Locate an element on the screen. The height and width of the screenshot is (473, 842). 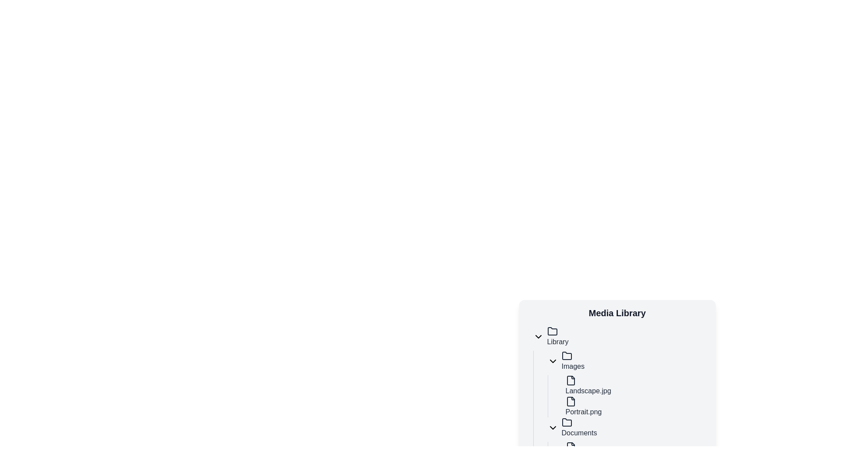
the descriptive text label for the adjacent folder icon in the collapsible media library interface, located at the top-left corner is located at coordinates (557, 336).